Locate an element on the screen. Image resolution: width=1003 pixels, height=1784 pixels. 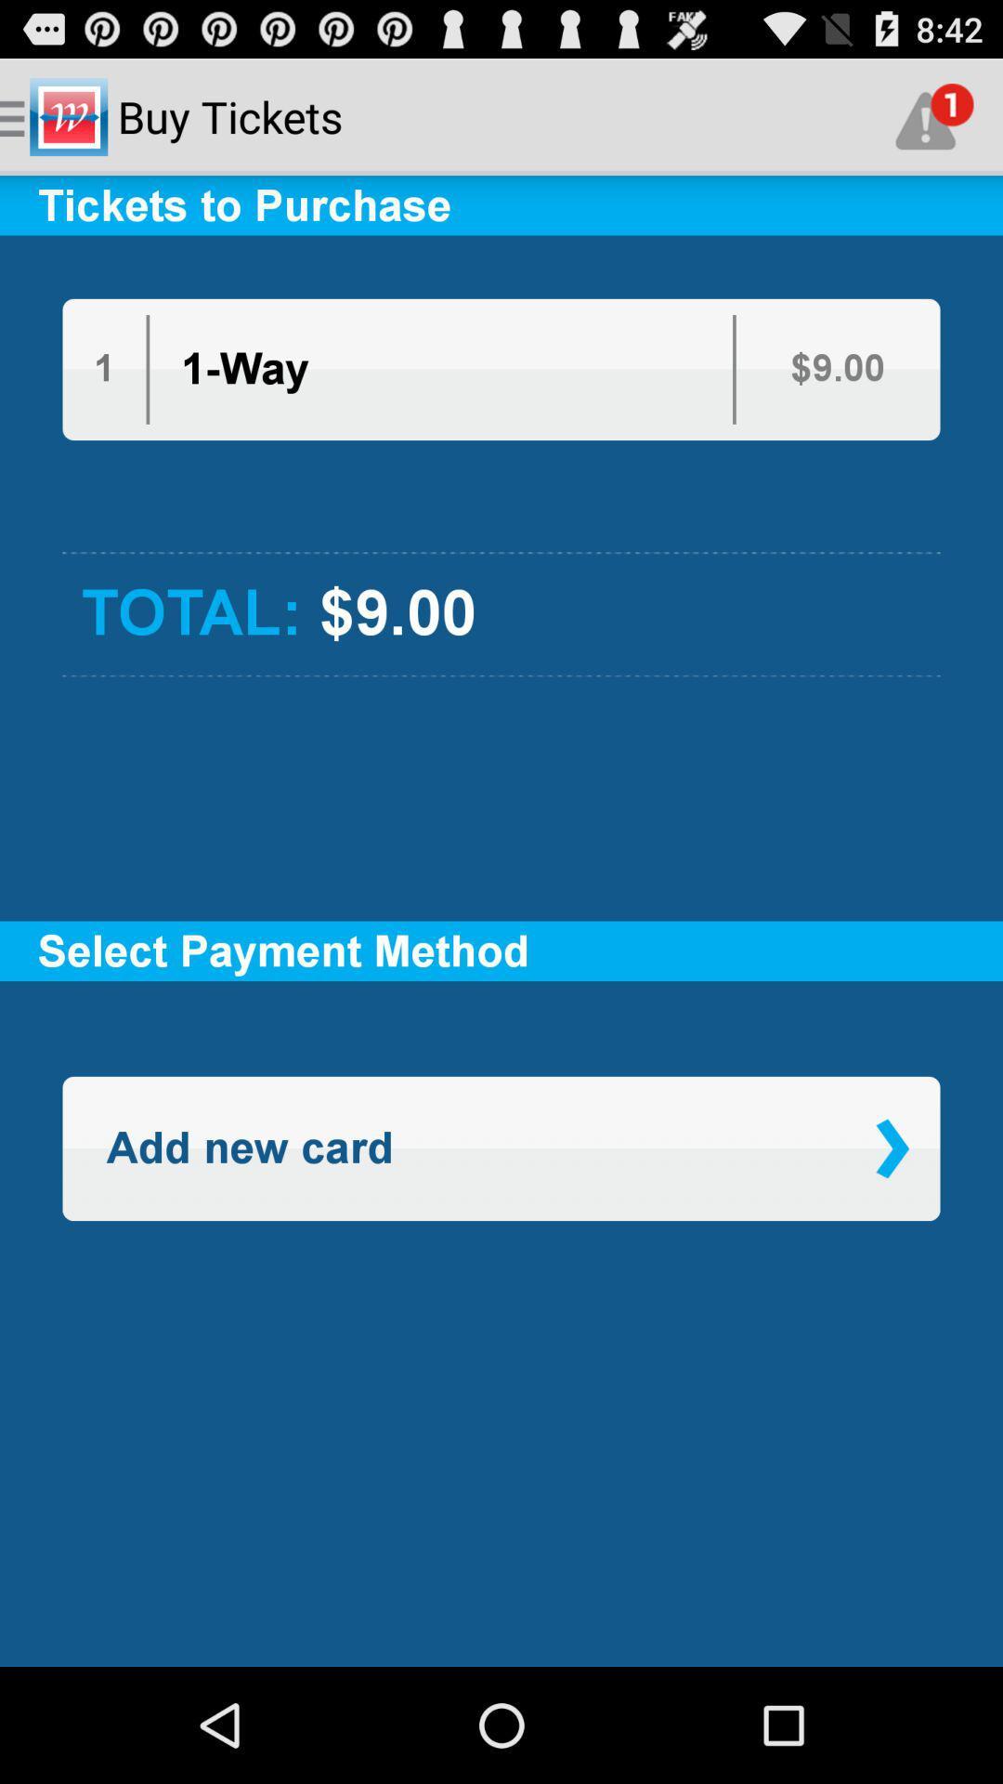
icon which is at top right corner is located at coordinates (934, 115).